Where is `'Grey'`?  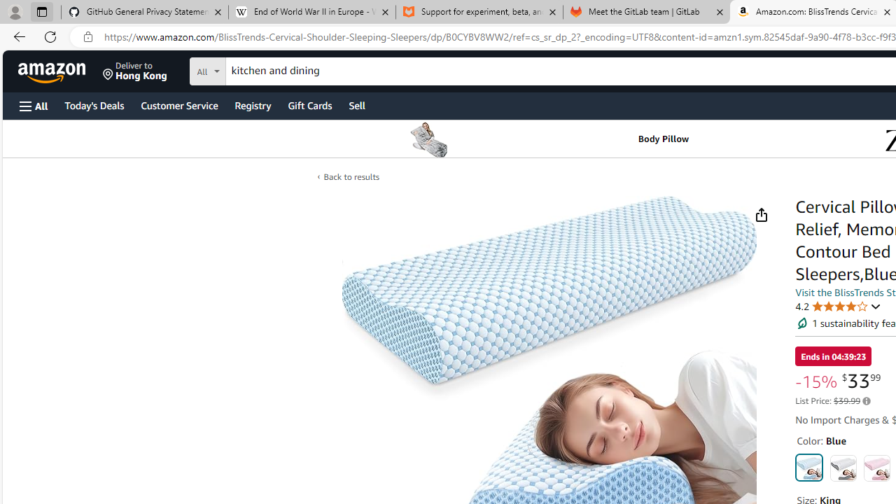
'Grey' is located at coordinates (842, 468).